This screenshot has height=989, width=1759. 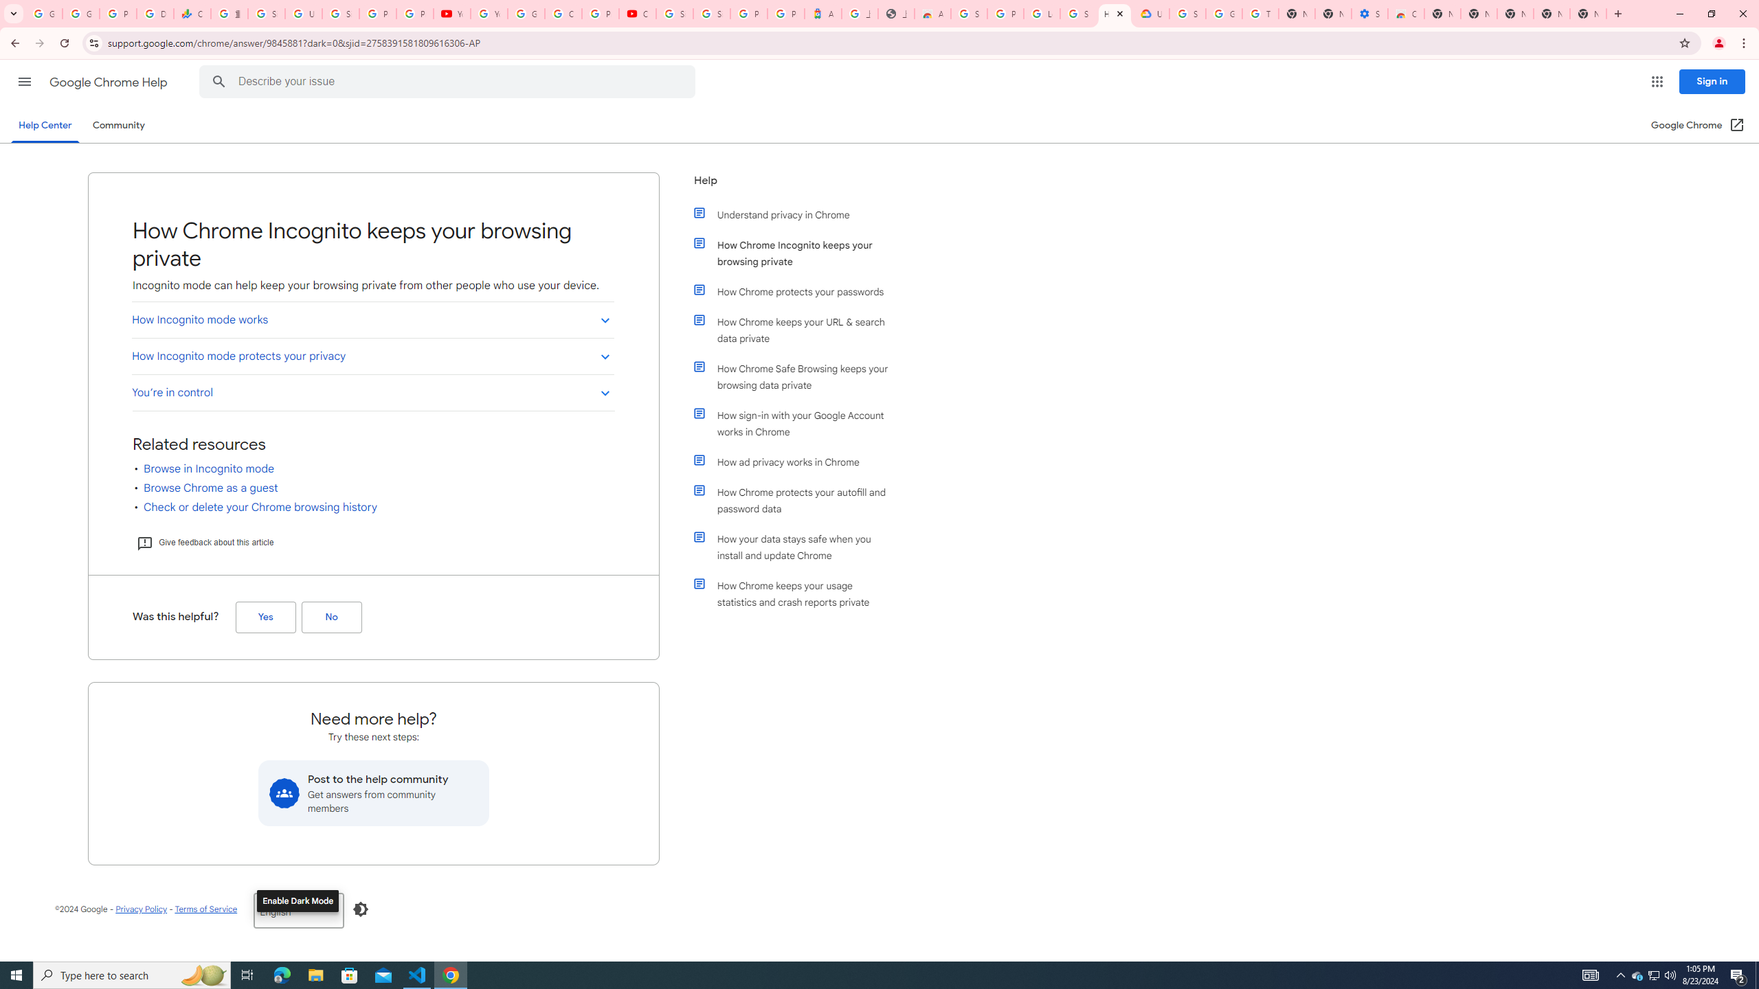 I want to click on 'Sign in - Google Accounts', so click(x=341, y=13).